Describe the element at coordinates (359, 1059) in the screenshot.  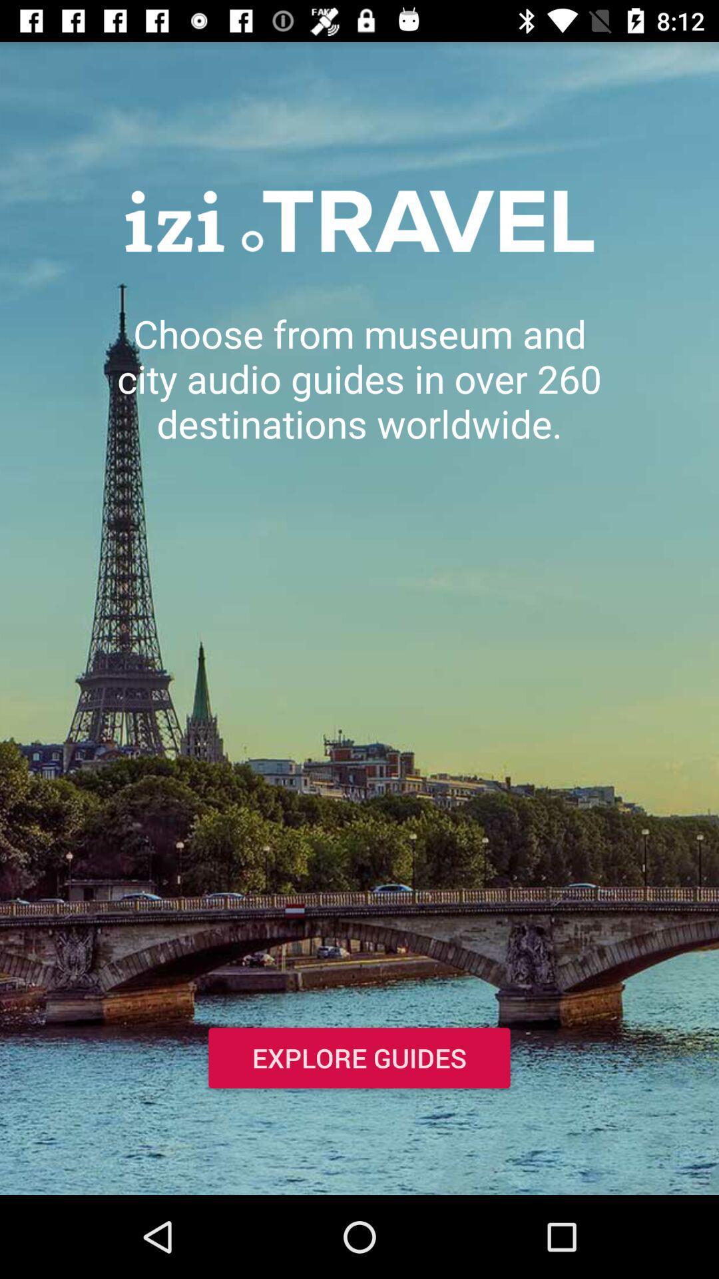
I see `the item below choose from museum icon` at that location.